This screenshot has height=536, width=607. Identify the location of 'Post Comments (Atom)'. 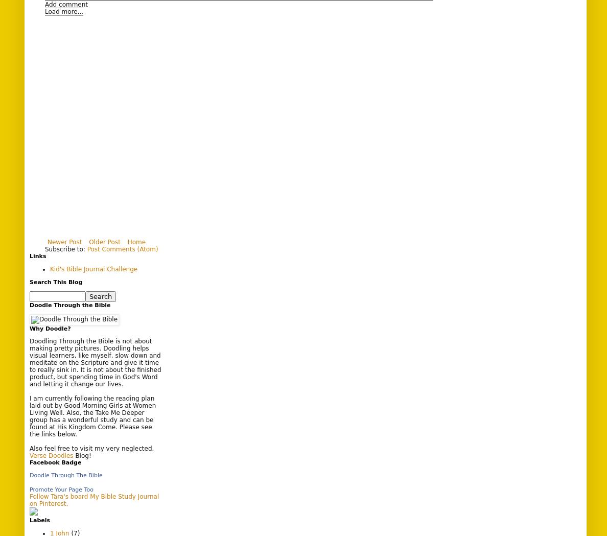
(122, 248).